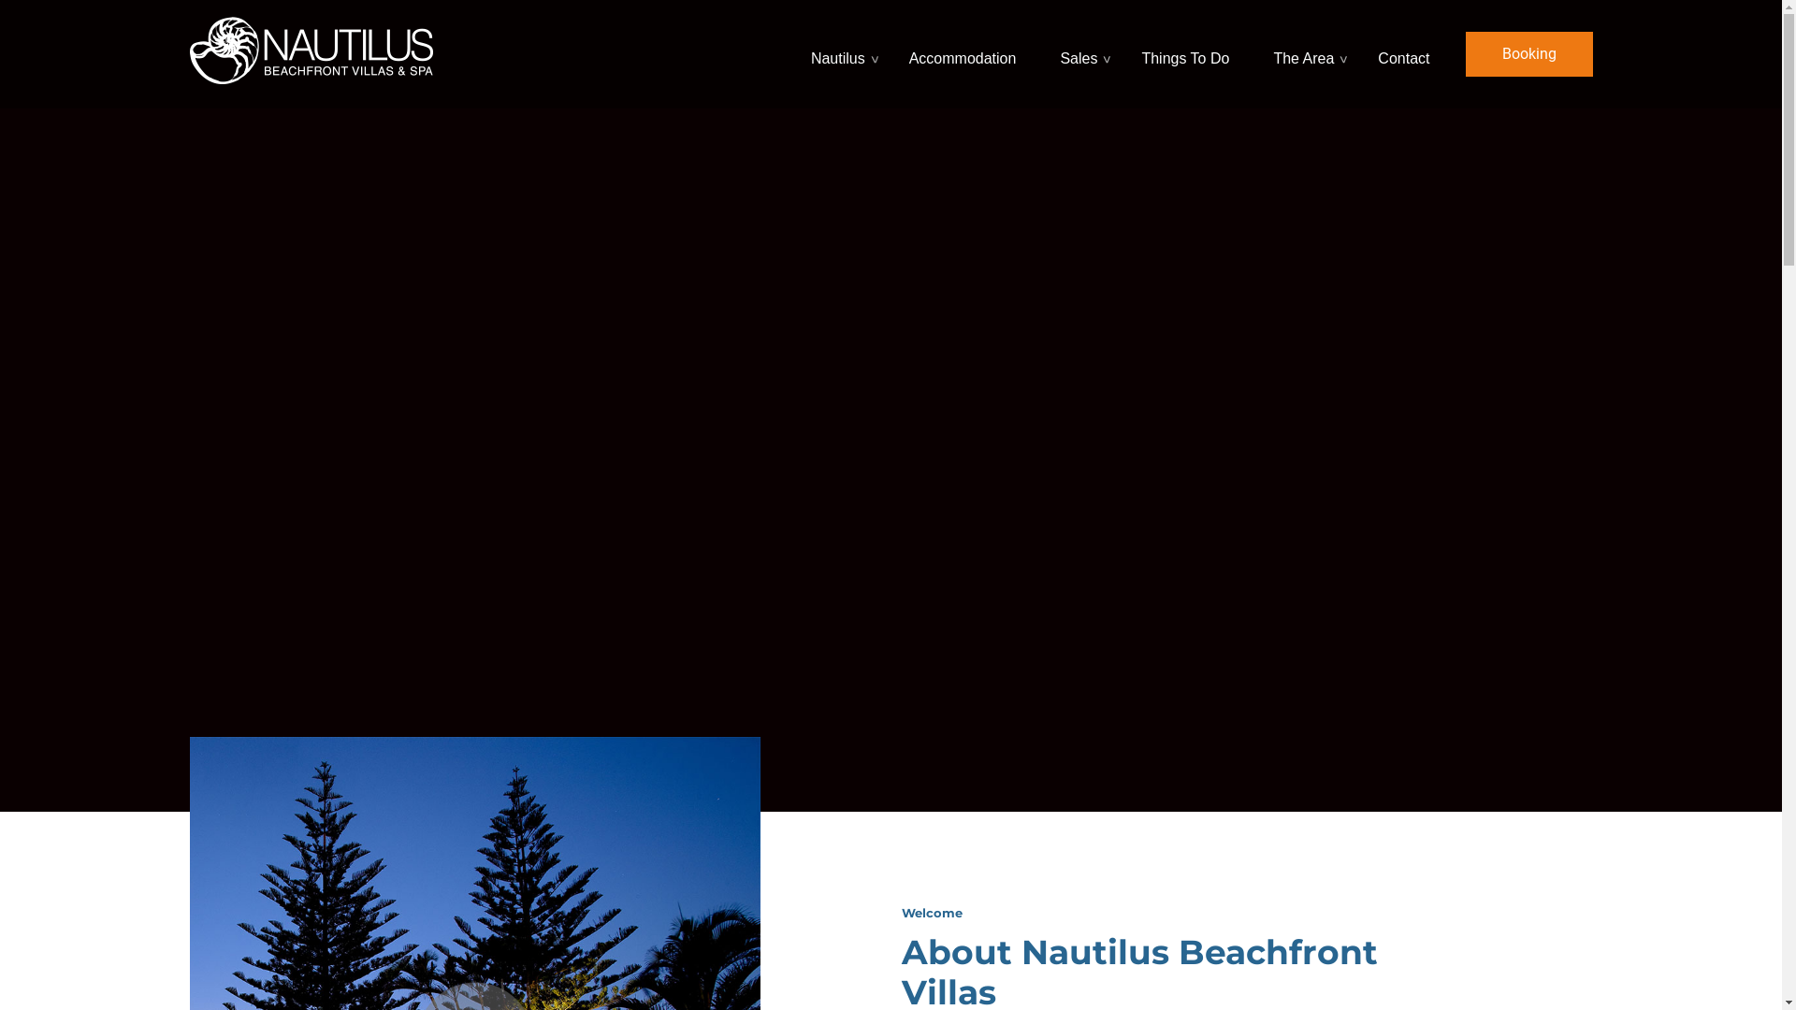 This screenshot has width=1796, height=1010. Describe the element at coordinates (1528, 52) in the screenshot. I see `'Booking'` at that location.